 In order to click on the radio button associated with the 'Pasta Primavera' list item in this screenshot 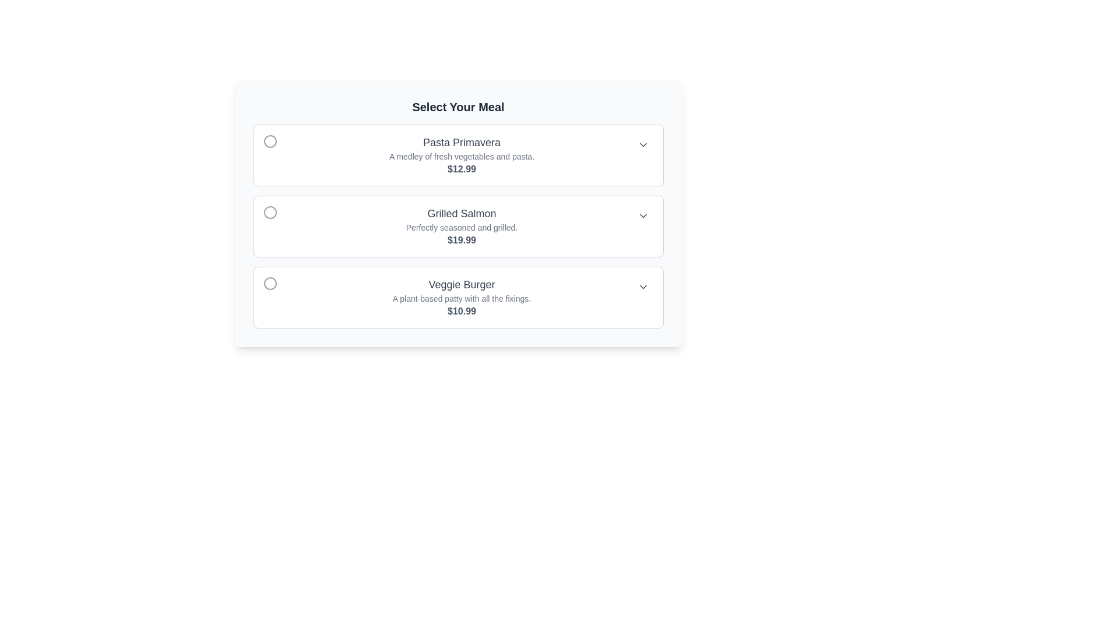, I will do `click(269, 141)`.